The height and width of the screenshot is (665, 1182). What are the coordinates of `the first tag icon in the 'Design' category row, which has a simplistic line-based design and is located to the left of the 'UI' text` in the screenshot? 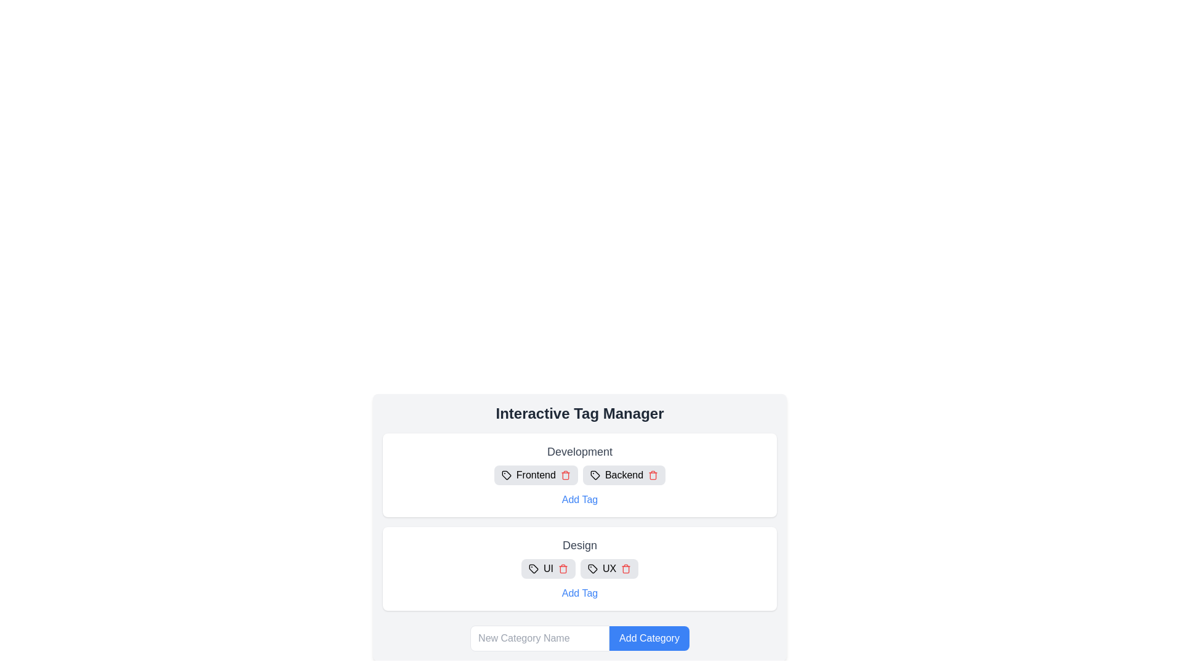 It's located at (533, 569).